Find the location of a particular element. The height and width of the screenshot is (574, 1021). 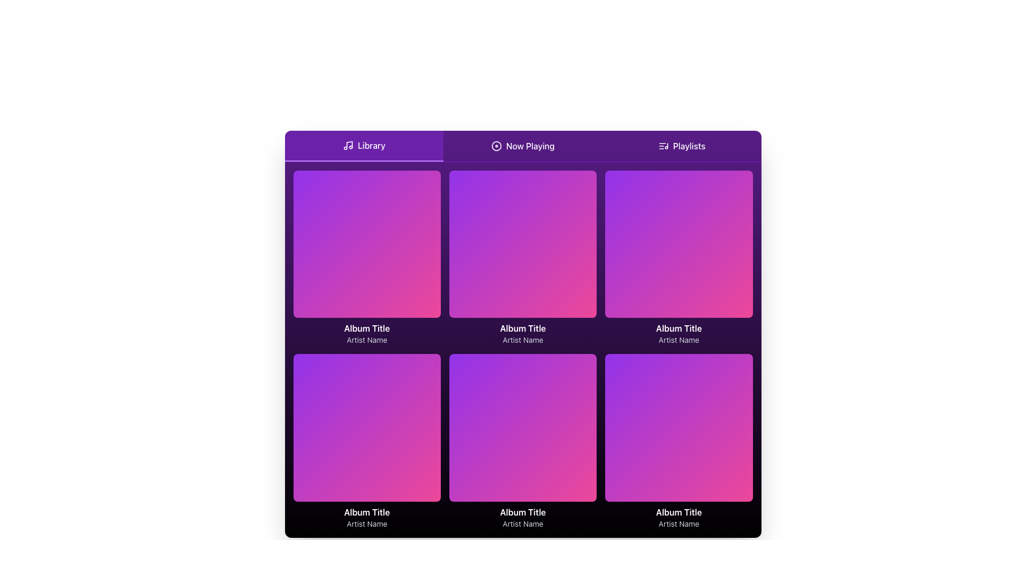

the clickable card element representing the album, which is located in the second position of the first row in the grid layout is located at coordinates (523, 258).